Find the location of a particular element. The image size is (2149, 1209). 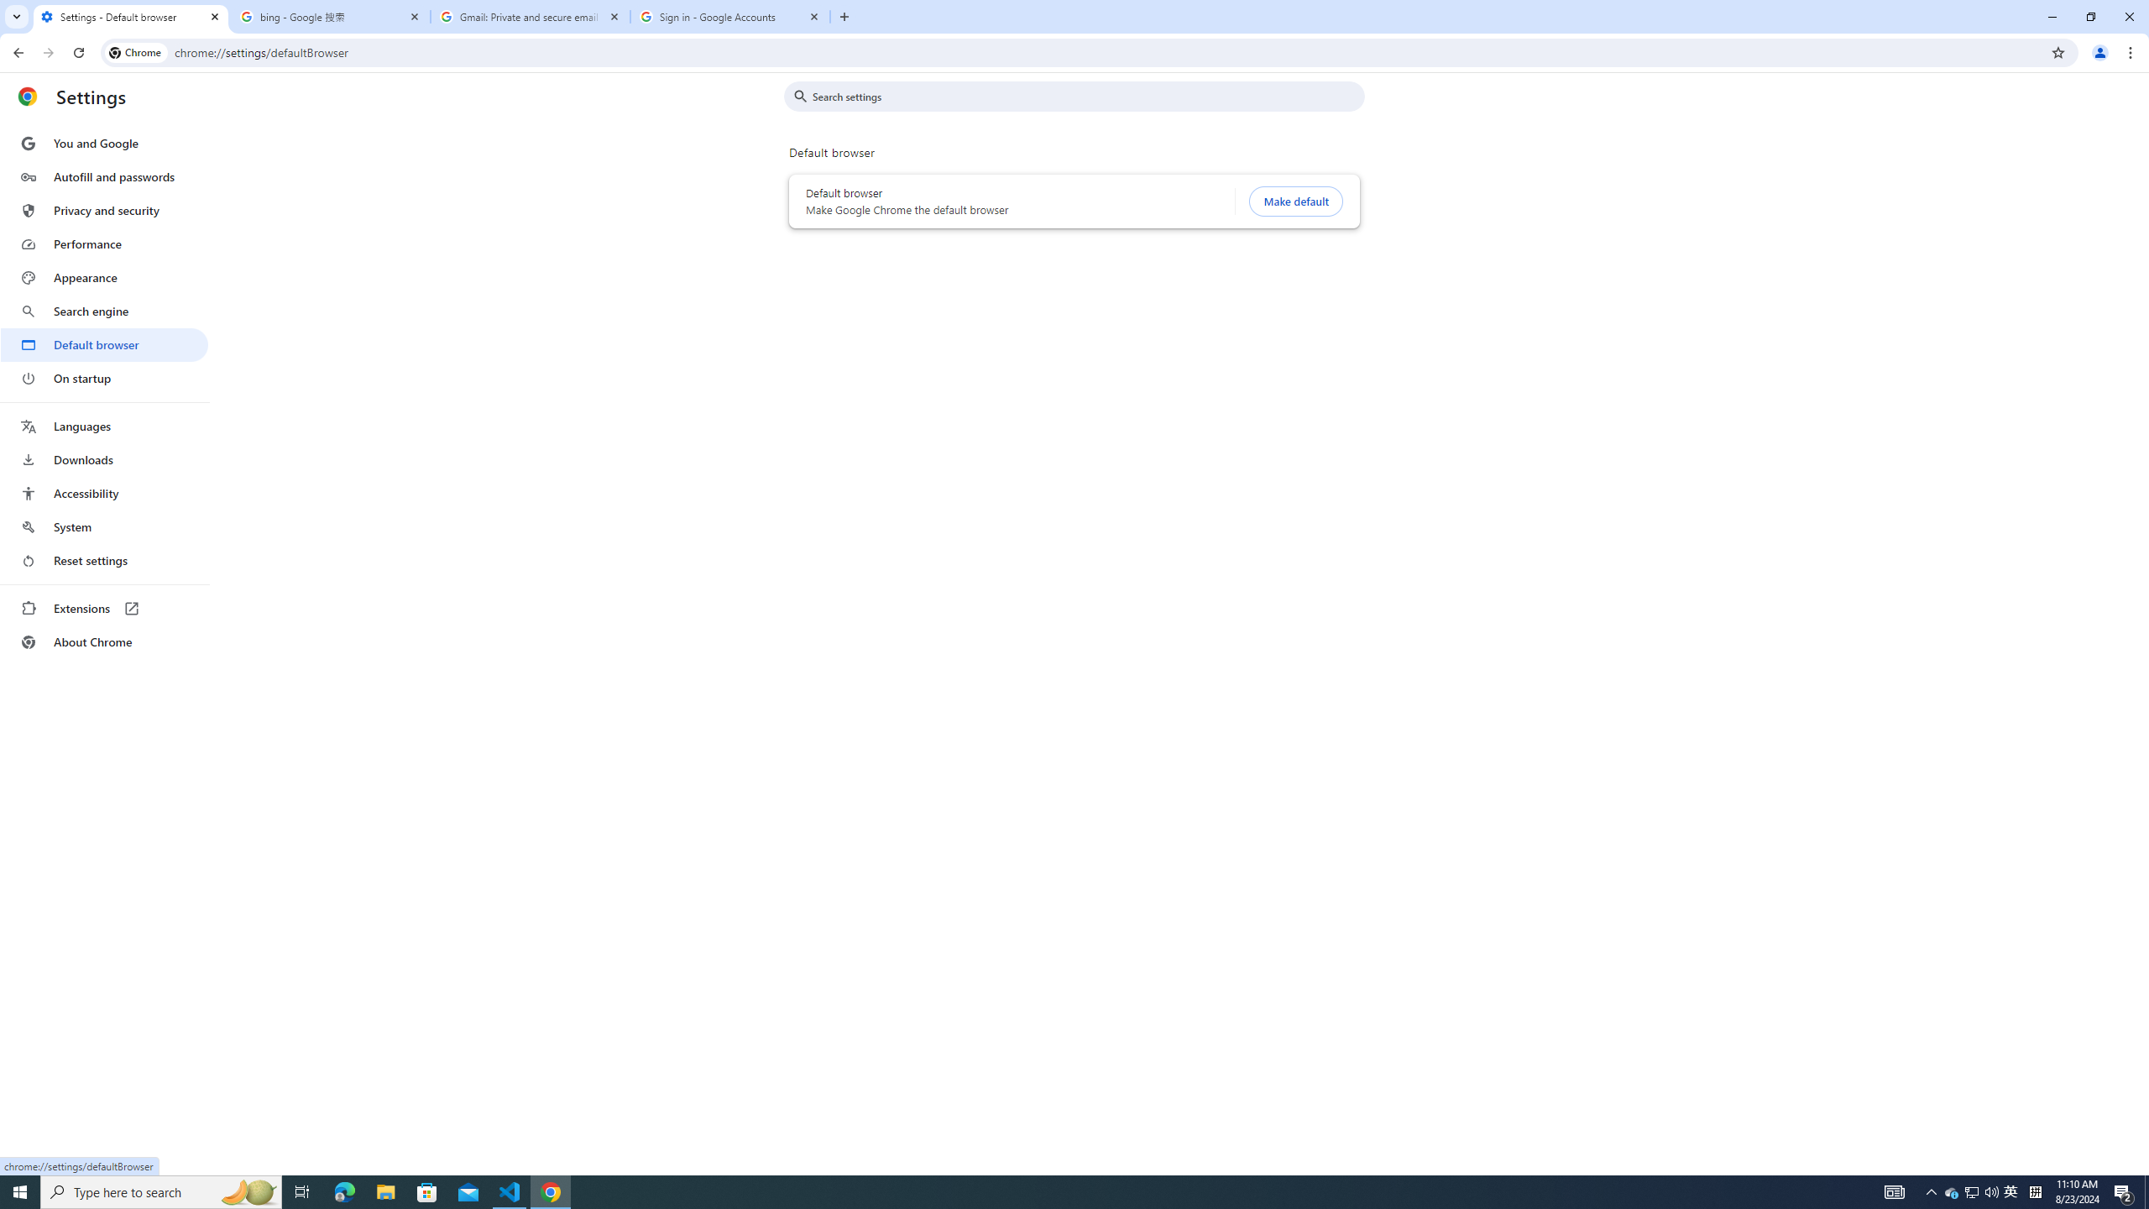

'On startup' is located at coordinates (103, 377).